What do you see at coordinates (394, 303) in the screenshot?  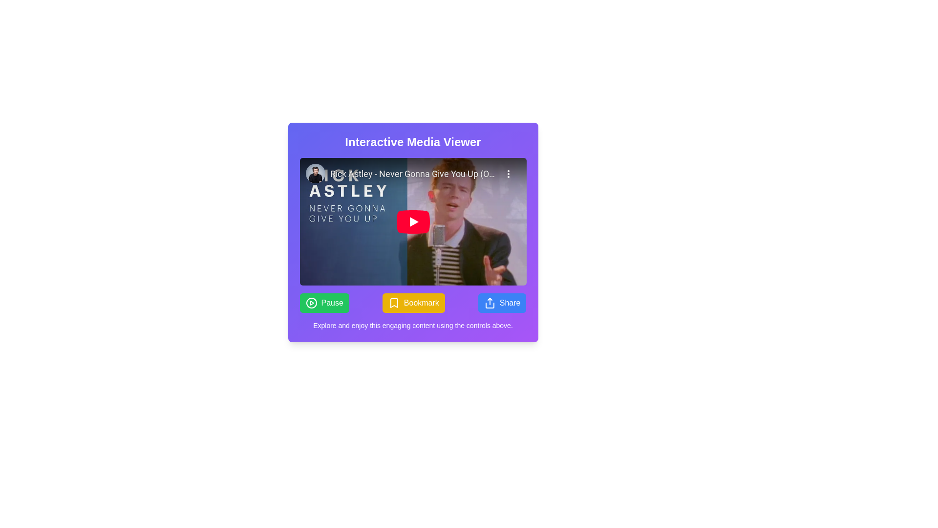 I see `the bookmark icon located within the 'Bookmark' button, which is centered horizontally in the second row of buttons` at bounding box center [394, 303].